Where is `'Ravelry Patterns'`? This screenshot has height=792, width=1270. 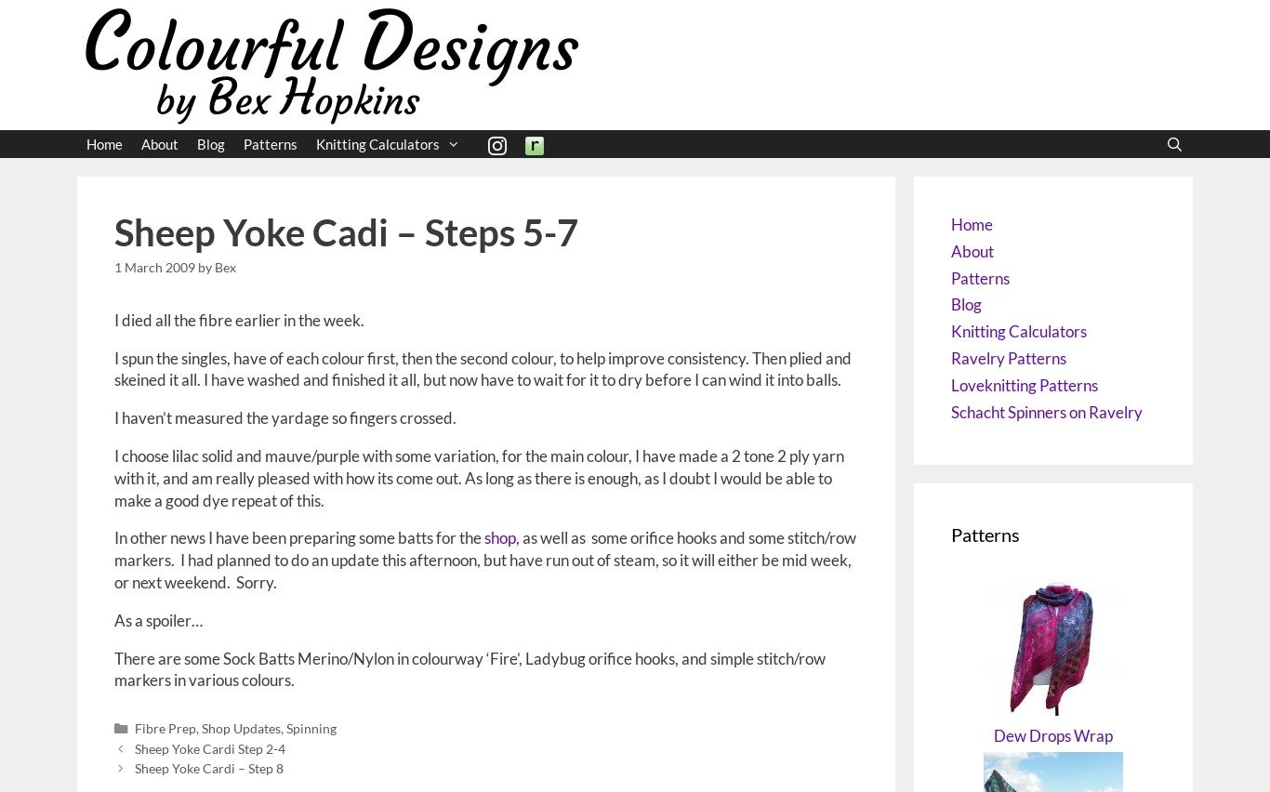 'Ravelry Patterns' is located at coordinates (1008, 356).